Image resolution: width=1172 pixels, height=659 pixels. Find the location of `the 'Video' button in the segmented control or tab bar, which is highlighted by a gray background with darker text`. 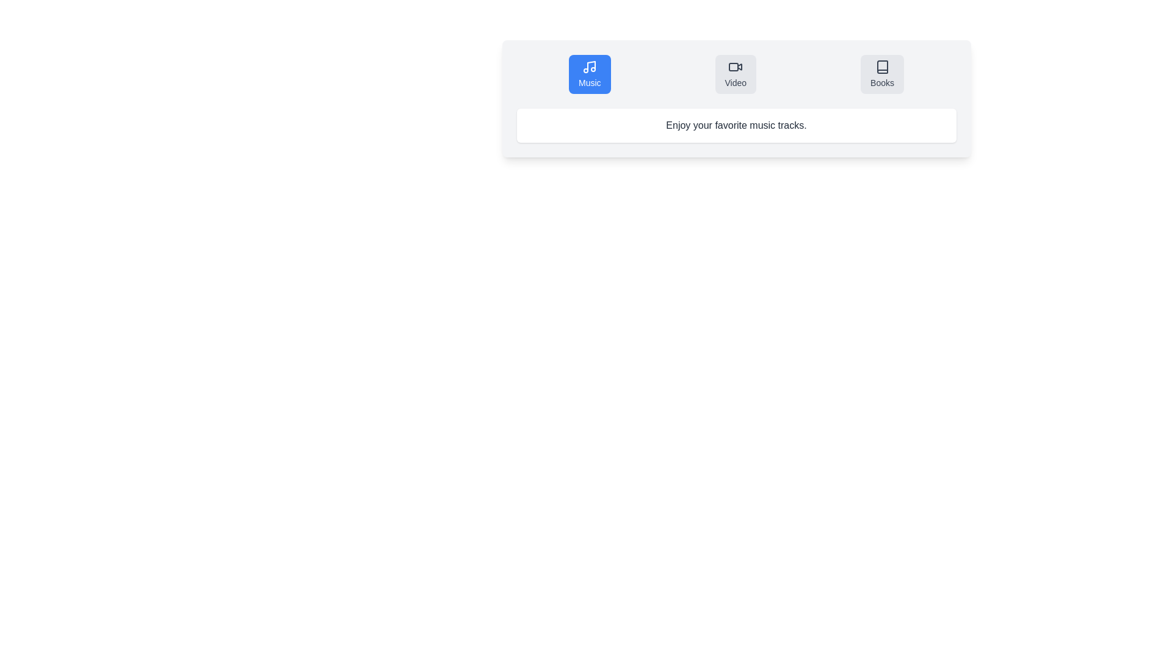

the 'Video' button in the segmented control or tab bar, which is highlighted by a gray background with darker text is located at coordinates (736, 74).